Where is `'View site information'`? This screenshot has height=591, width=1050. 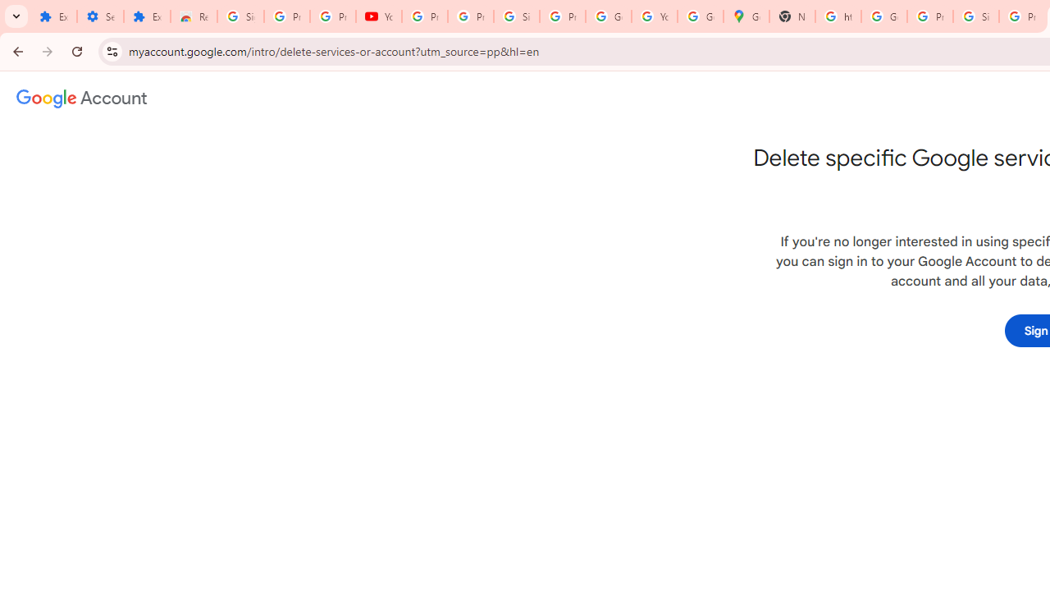 'View site information' is located at coordinates (111, 50).